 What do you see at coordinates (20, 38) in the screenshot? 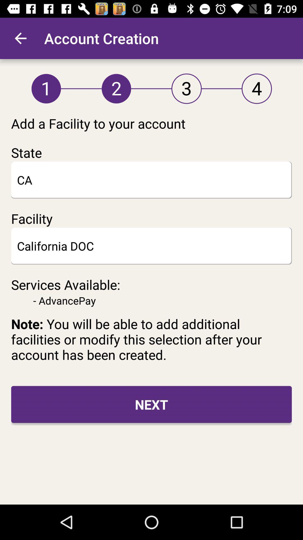
I see `item to the left of account creation item` at bounding box center [20, 38].